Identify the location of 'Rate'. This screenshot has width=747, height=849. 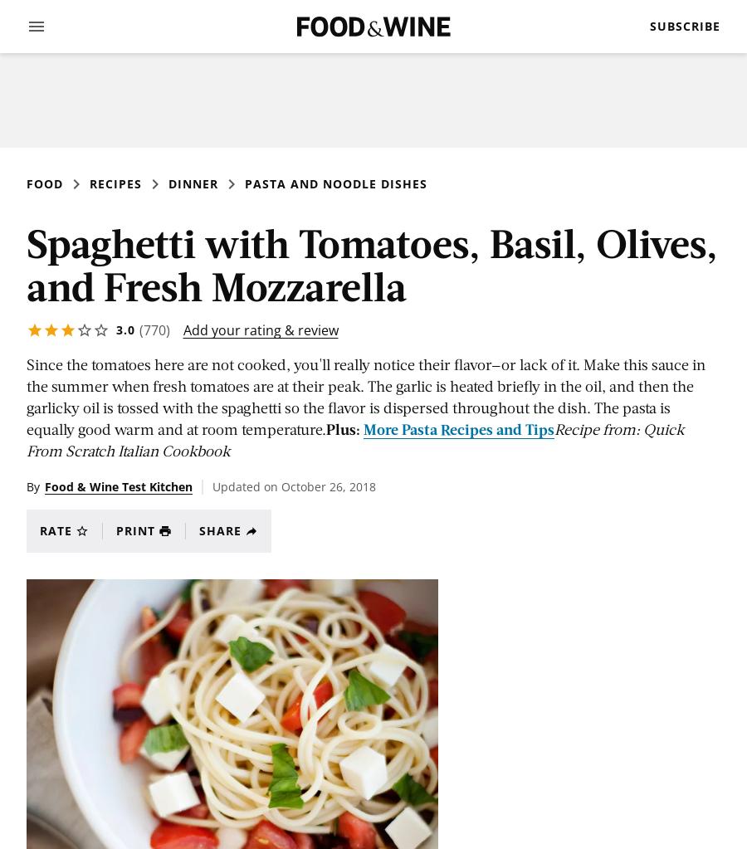
(55, 530).